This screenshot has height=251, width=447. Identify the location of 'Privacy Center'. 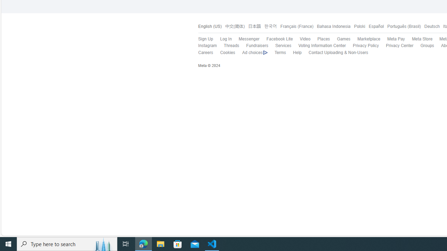
(396, 46).